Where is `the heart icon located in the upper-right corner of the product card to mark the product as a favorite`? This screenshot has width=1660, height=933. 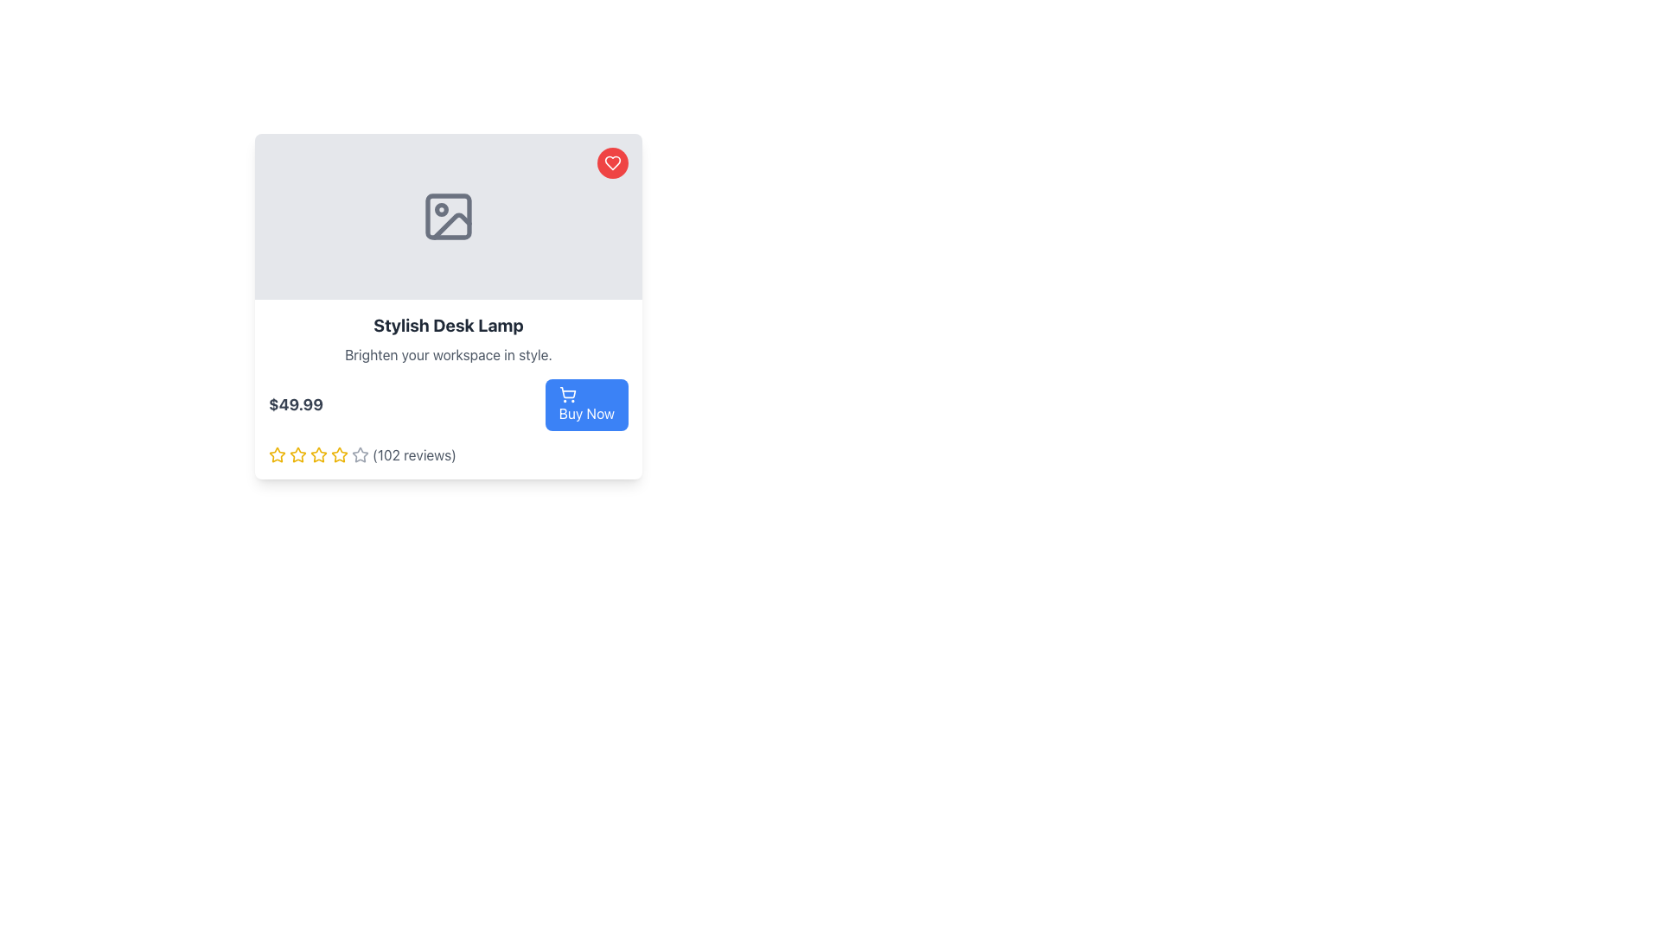
the heart icon located in the upper-right corner of the product card to mark the product as a favorite is located at coordinates (613, 163).